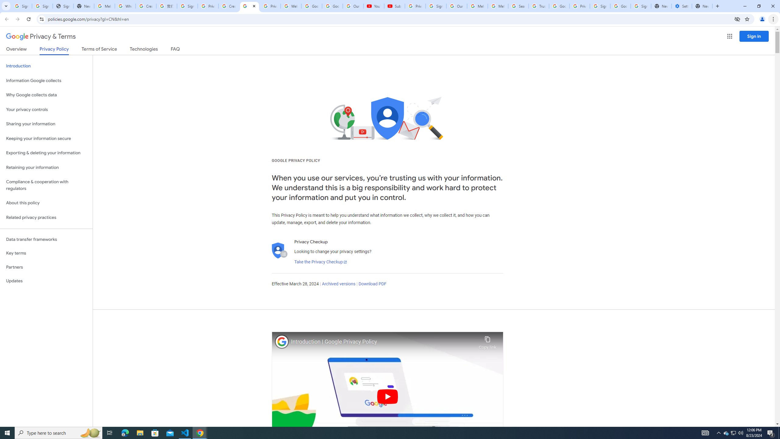 The image size is (780, 439). Describe the element at coordinates (290, 6) in the screenshot. I see `'Welcome to My Activity'` at that location.